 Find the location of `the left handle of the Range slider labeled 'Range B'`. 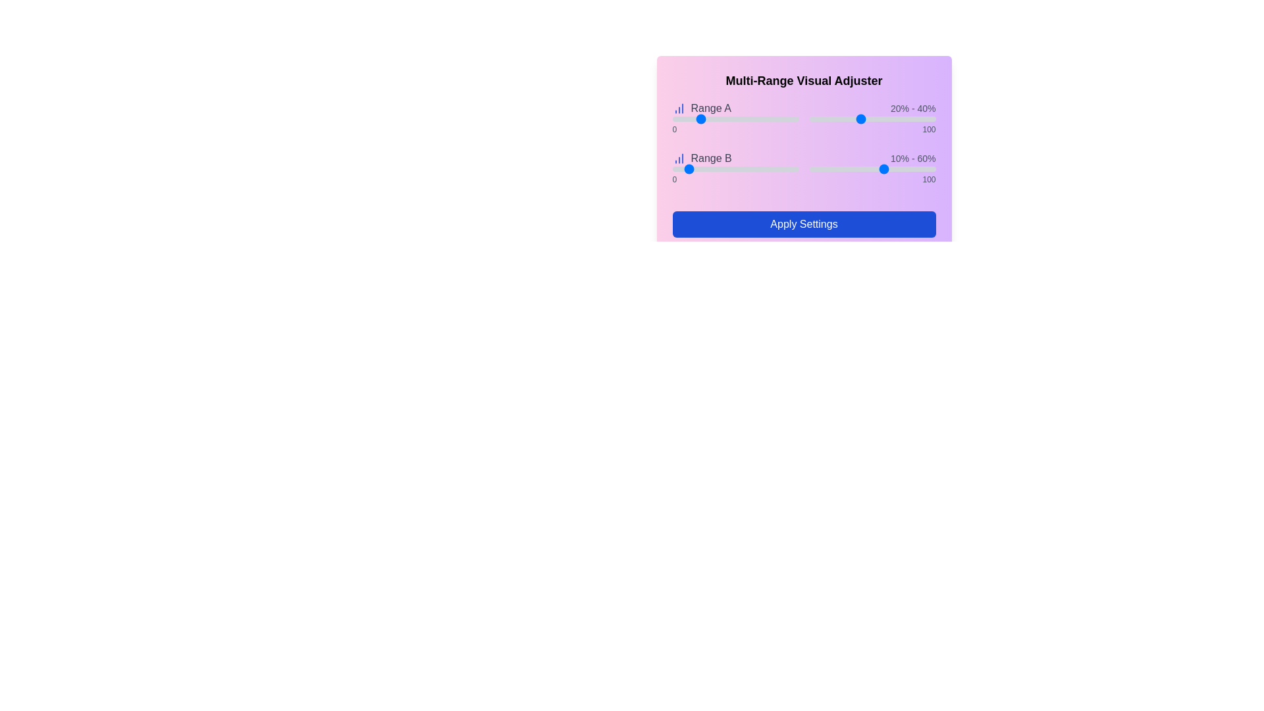

the left handle of the Range slider labeled 'Range B' is located at coordinates (803, 167).